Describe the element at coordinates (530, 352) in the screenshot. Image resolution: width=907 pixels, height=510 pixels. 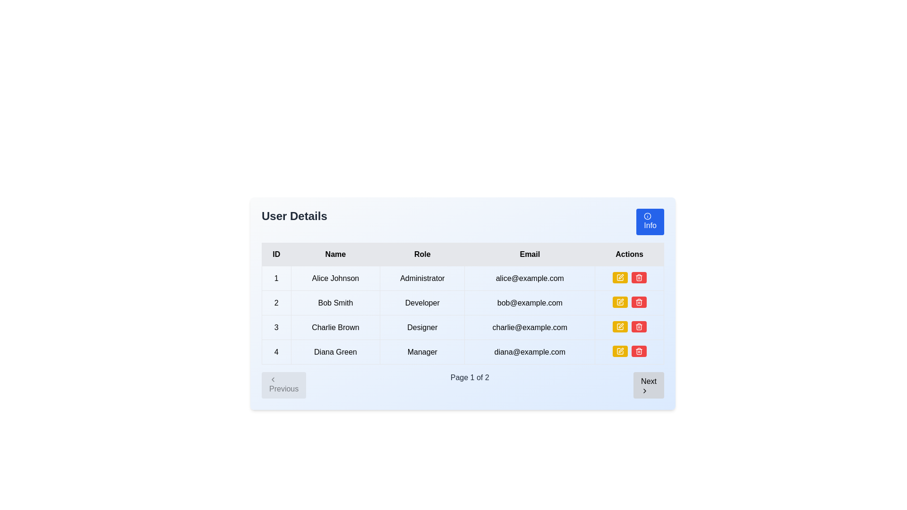
I see `the static text displaying 'diana@example.com' located in the fourth row of the 'Email' column within a structured table layout` at that location.